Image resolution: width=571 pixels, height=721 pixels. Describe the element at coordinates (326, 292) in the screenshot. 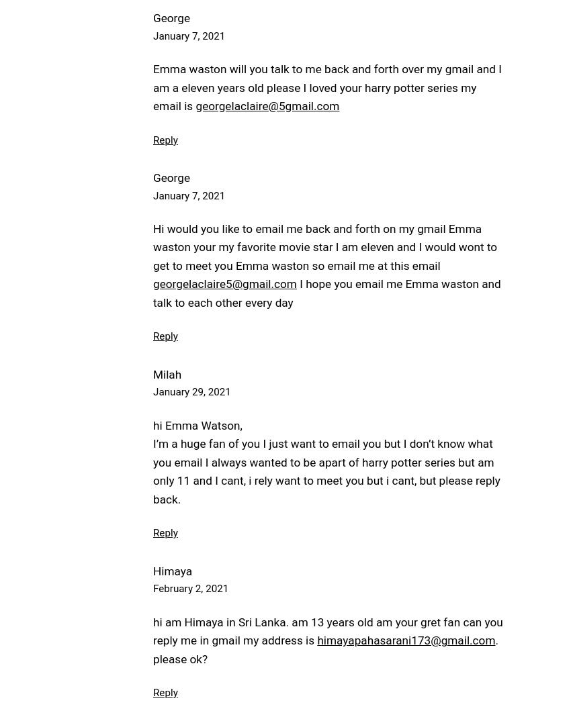

I see `'I hope you email me Emma waston and talk to each other every day'` at that location.